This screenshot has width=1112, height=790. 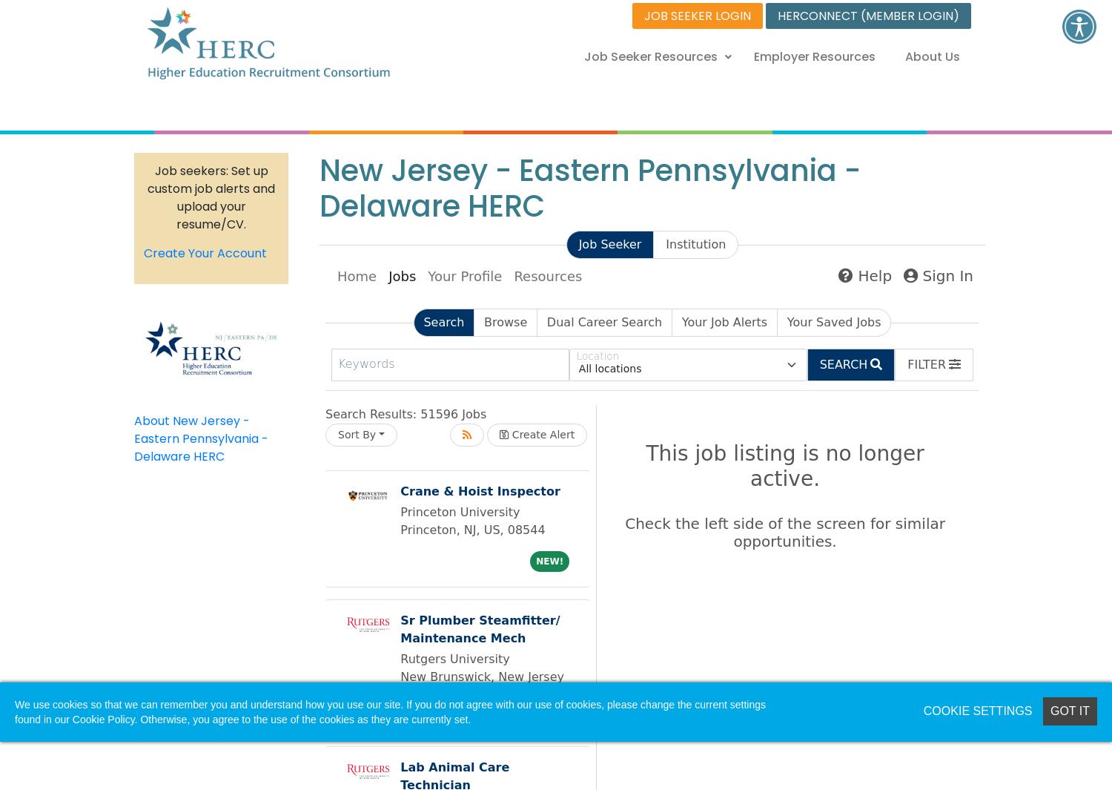 I want to click on 'Create Your Account', so click(x=205, y=252).